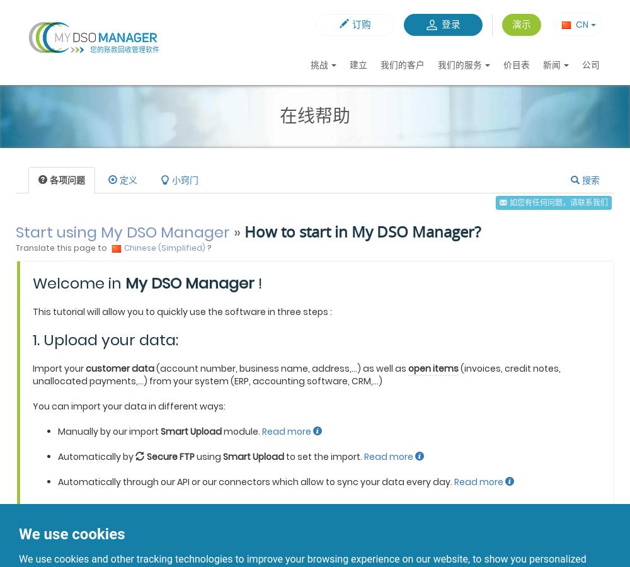 This screenshot has width=630, height=567. Describe the element at coordinates (16, 232) in the screenshot. I see `'Start using My DSO Manager'` at that location.